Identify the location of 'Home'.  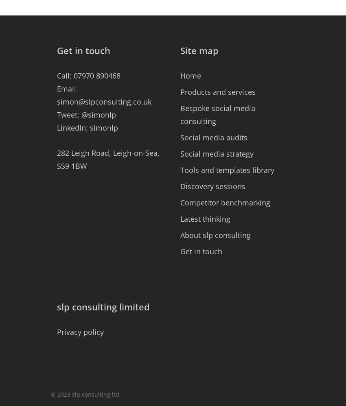
(191, 75).